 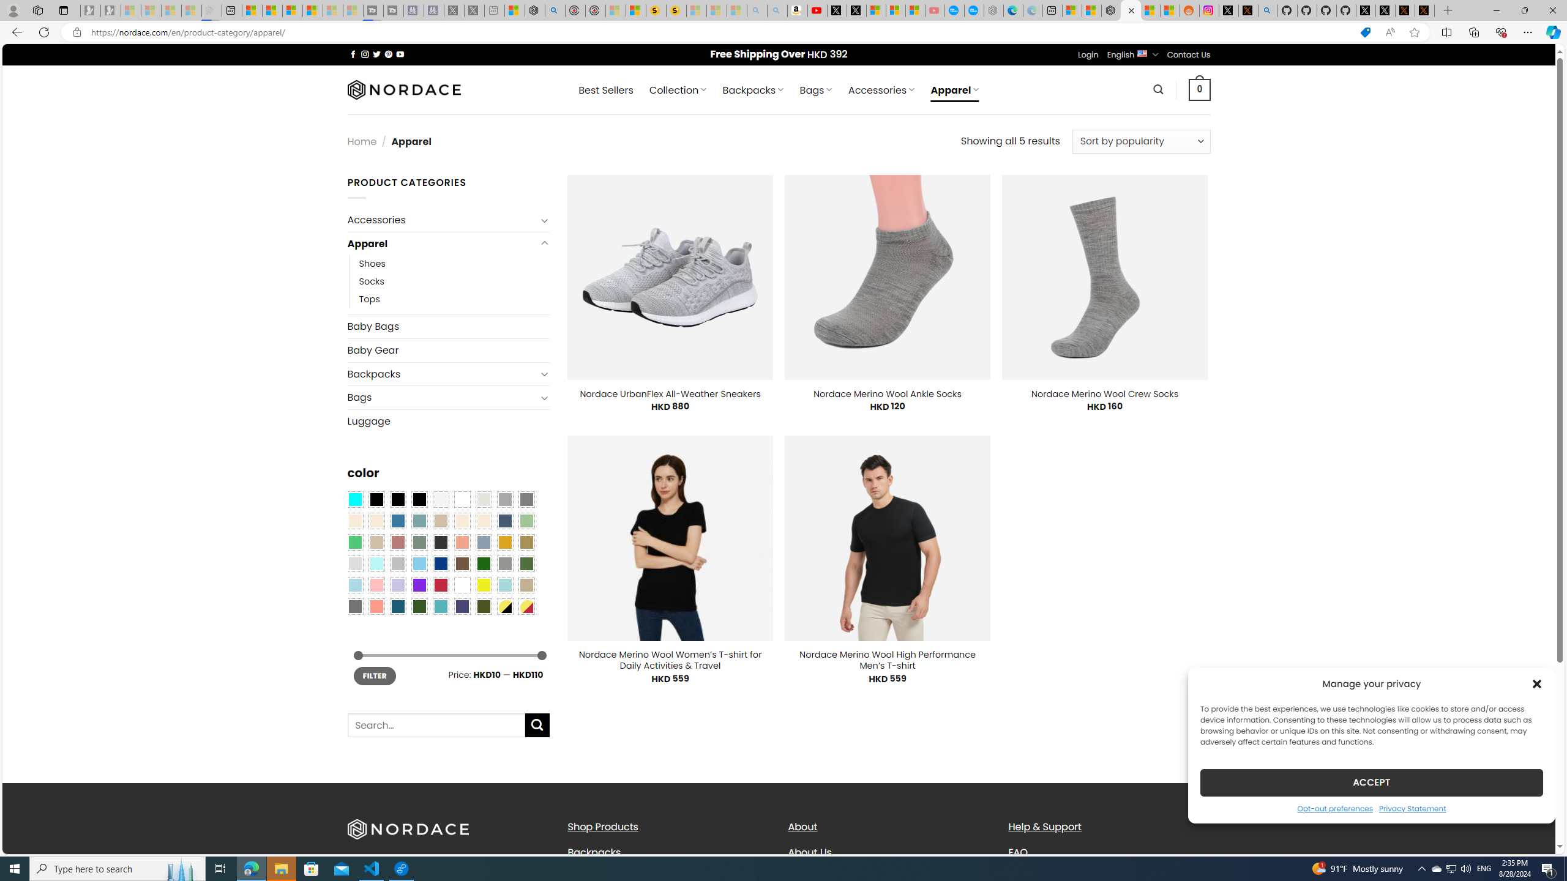 What do you see at coordinates (526, 499) in the screenshot?
I see `'All Gray'` at bounding box center [526, 499].